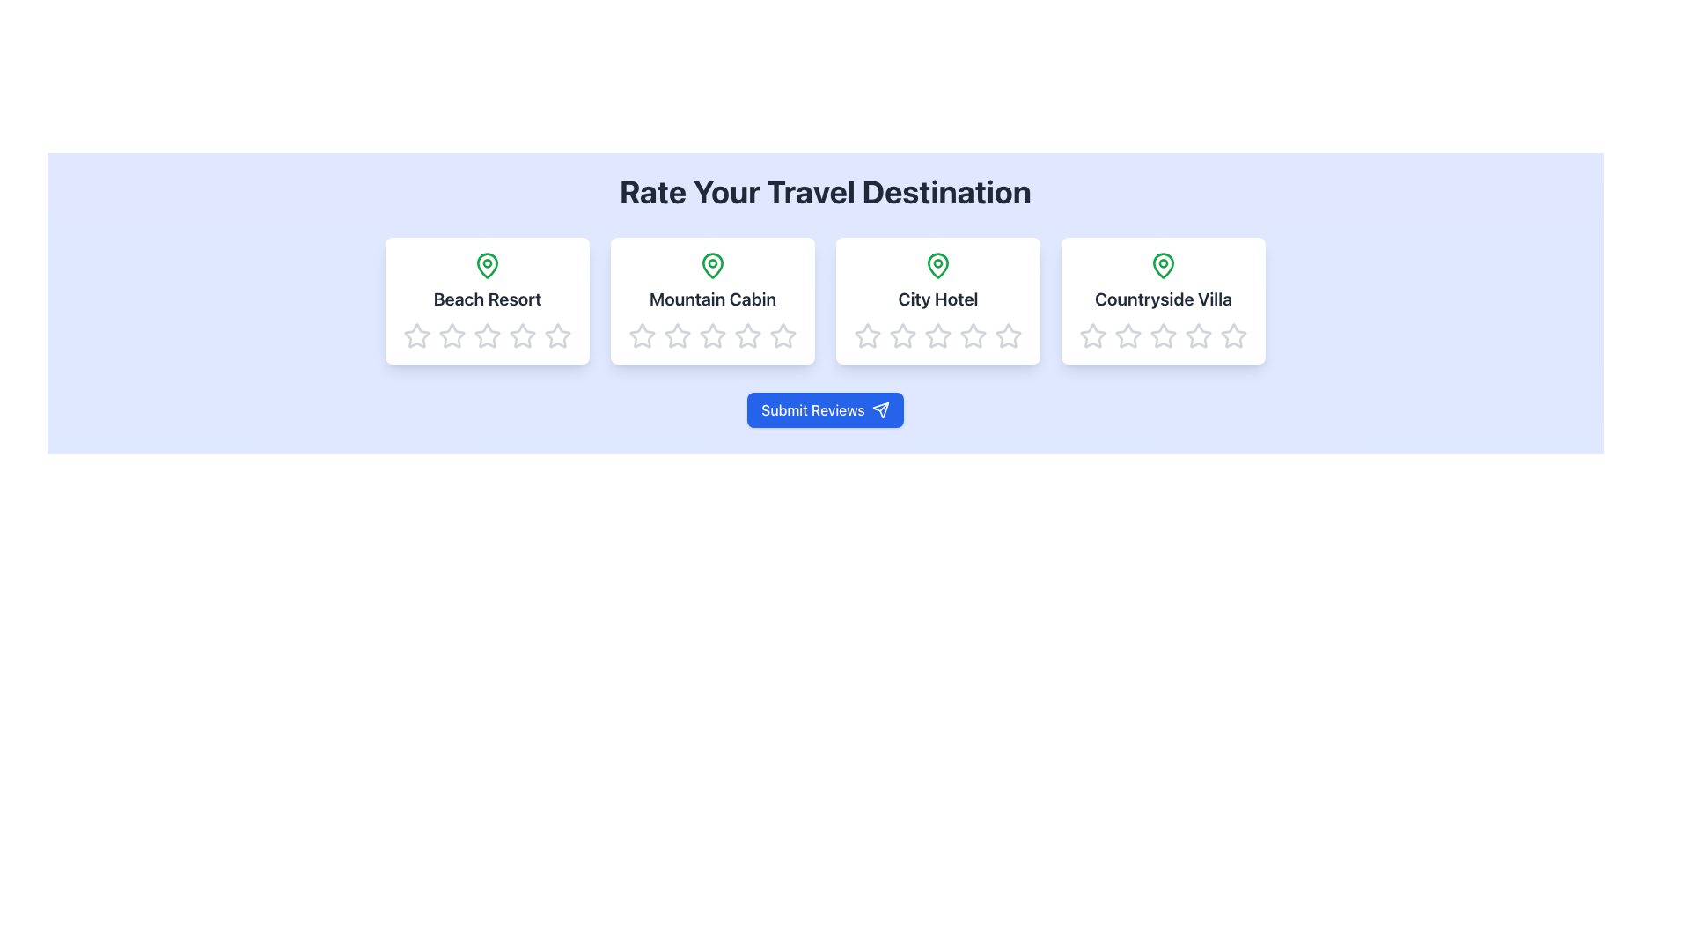 Image resolution: width=1690 pixels, height=951 pixels. Describe the element at coordinates (676, 335) in the screenshot. I see `the third star-shaped interactive icon in the five-star rating component under the 'Mountain Cabin' rating card to trigger a scale transformation` at that location.